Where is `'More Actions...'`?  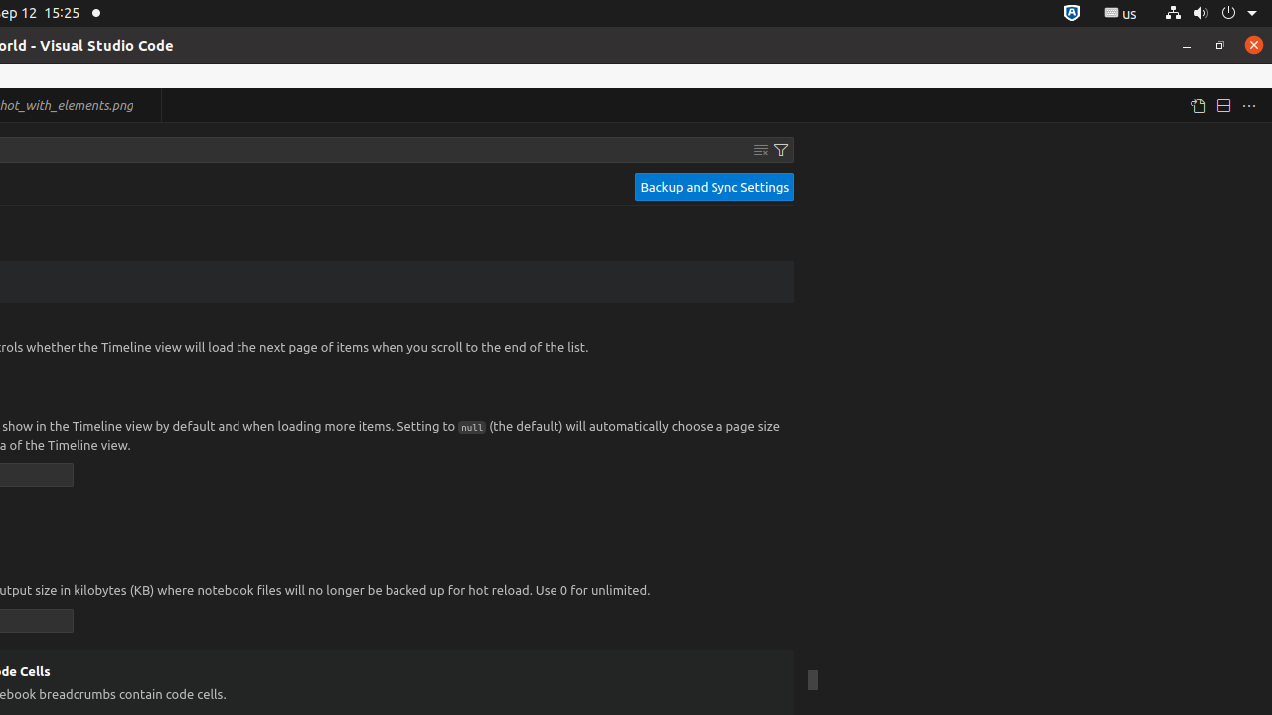
'More Actions...' is located at coordinates (1247, 105).